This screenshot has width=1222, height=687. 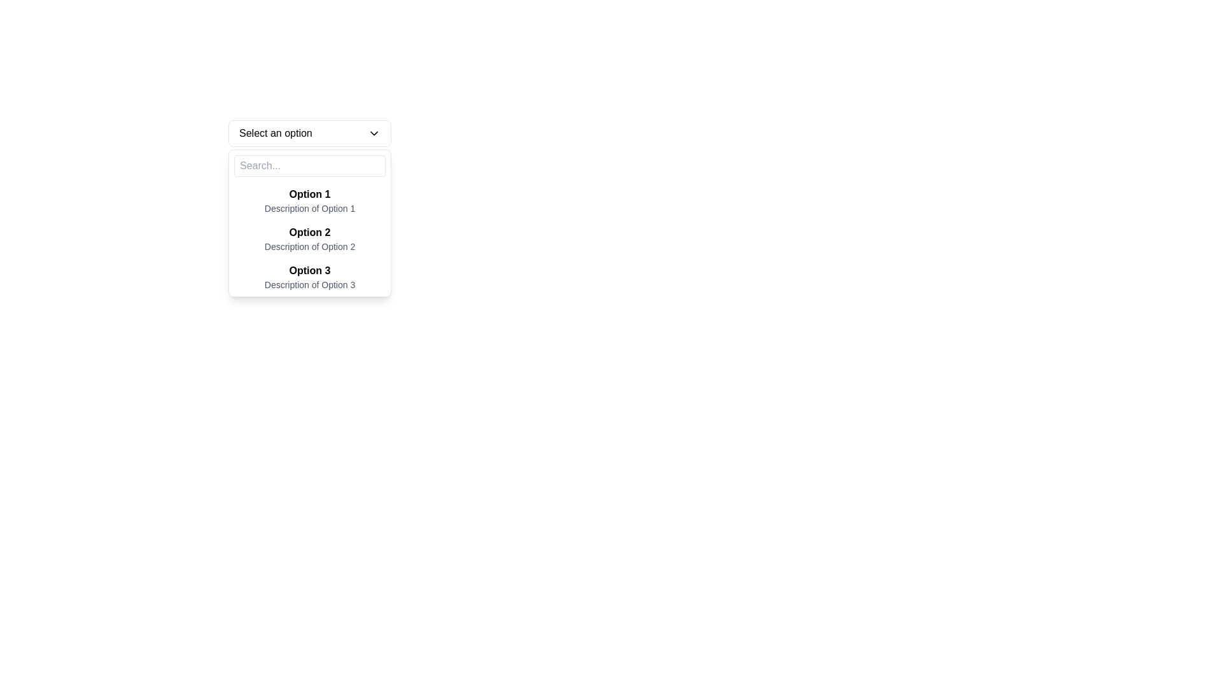 I want to click on the dropdown menu item located in the middle of the dropdown list, so click(x=309, y=239).